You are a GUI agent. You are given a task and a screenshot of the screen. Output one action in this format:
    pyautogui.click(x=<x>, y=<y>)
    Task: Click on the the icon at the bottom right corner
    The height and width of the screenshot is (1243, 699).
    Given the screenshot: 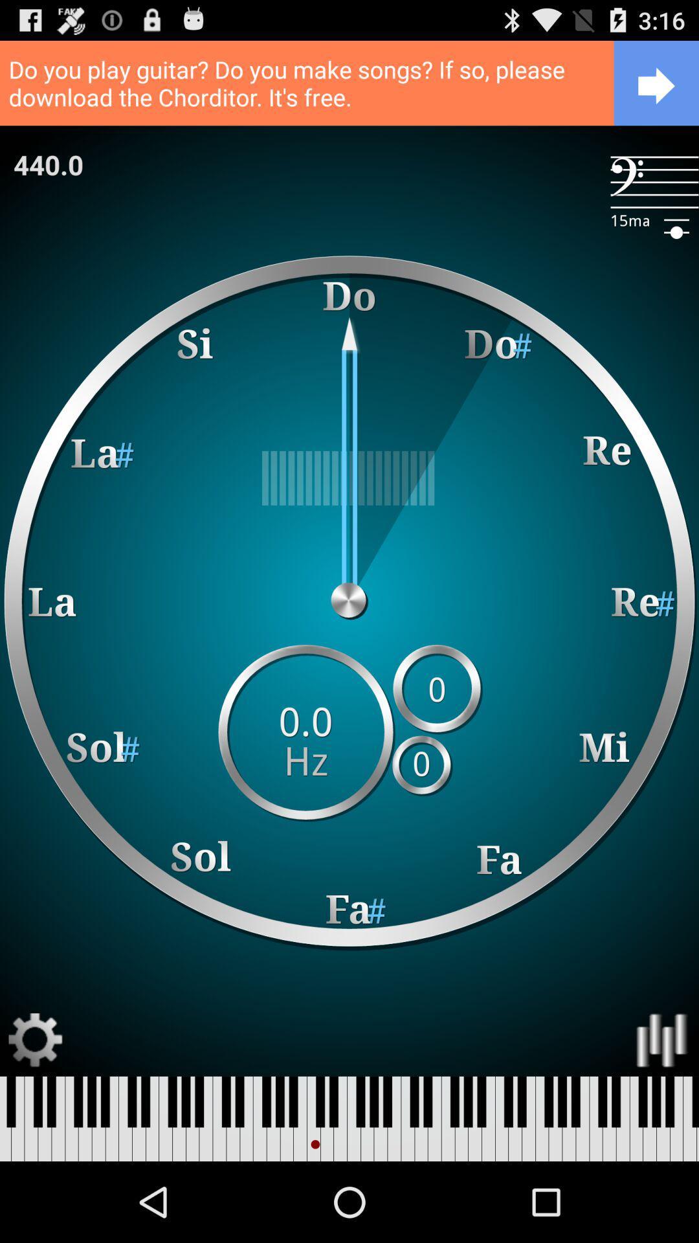 What is the action you would take?
    pyautogui.click(x=663, y=1040)
    